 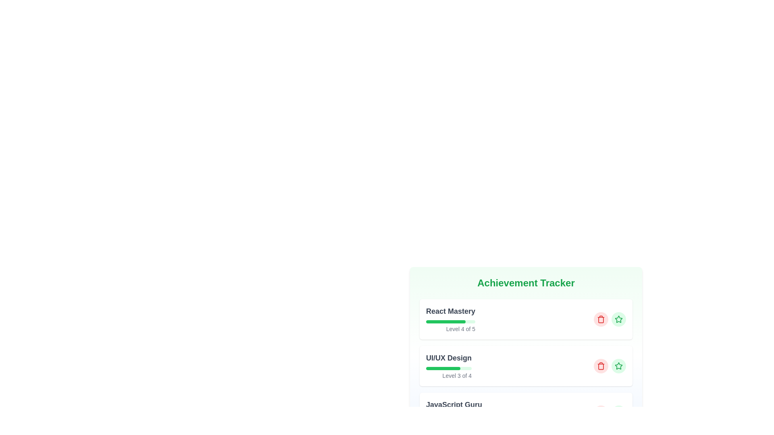 I want to click on the second button on the far right side of the inline layout, which marks an achievement as a favorite, aligning with the 'JavaScript Guru' entry in the Achievement Tracker, so click(x=618, y=413).